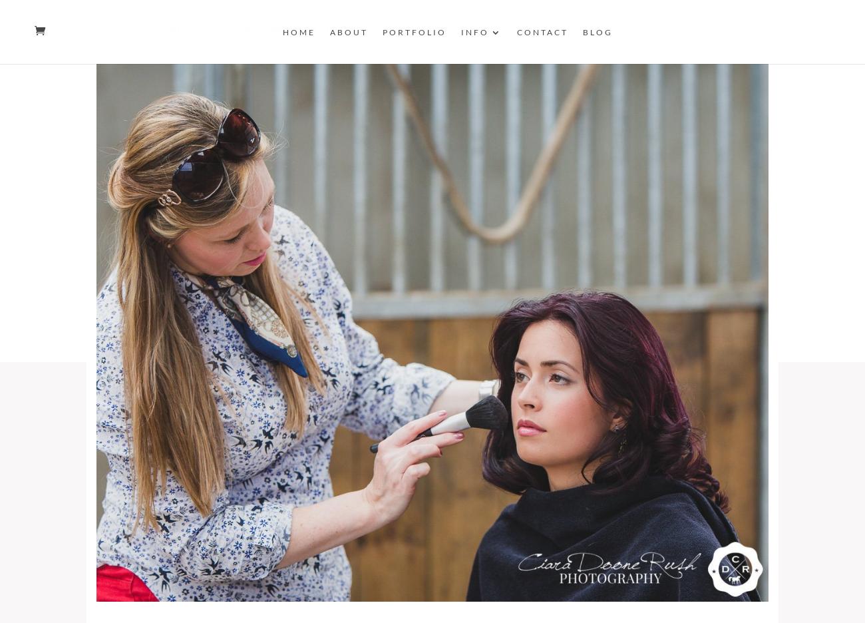 This screenshot has height=623, width=865. I want to click on 'Info', so click(474, 32).